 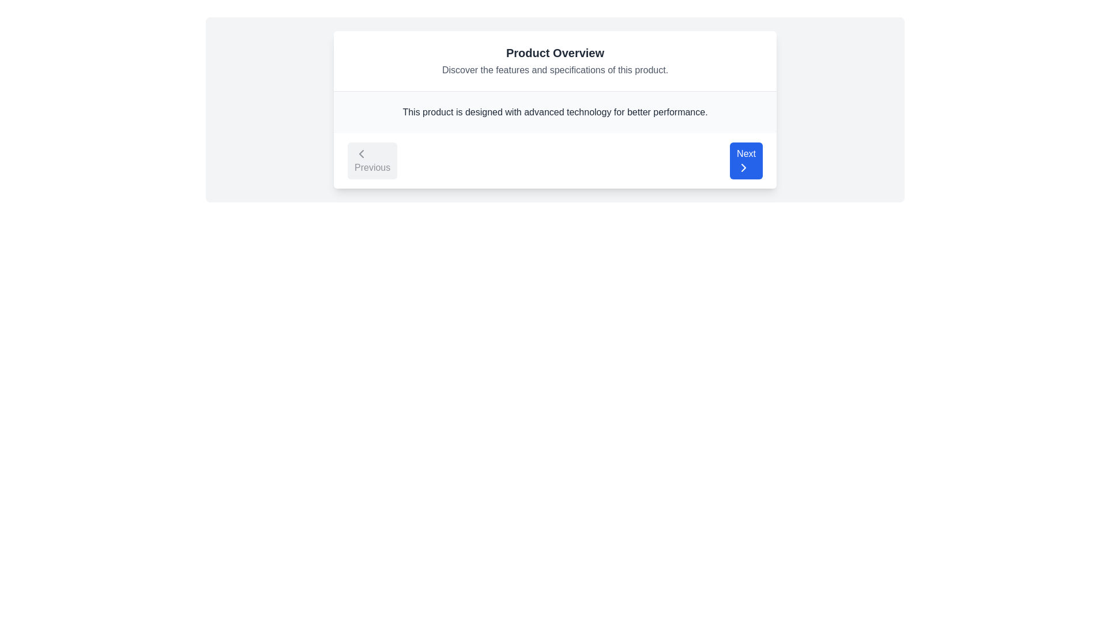 What do you see at coordinates (372, 160) in the screenshot?
I see `the 'Previous' button located in the lower left part of the interface, which has a light gray background and darker gray text with a left-pointing arrow icon` at bounding box center [372, 160].